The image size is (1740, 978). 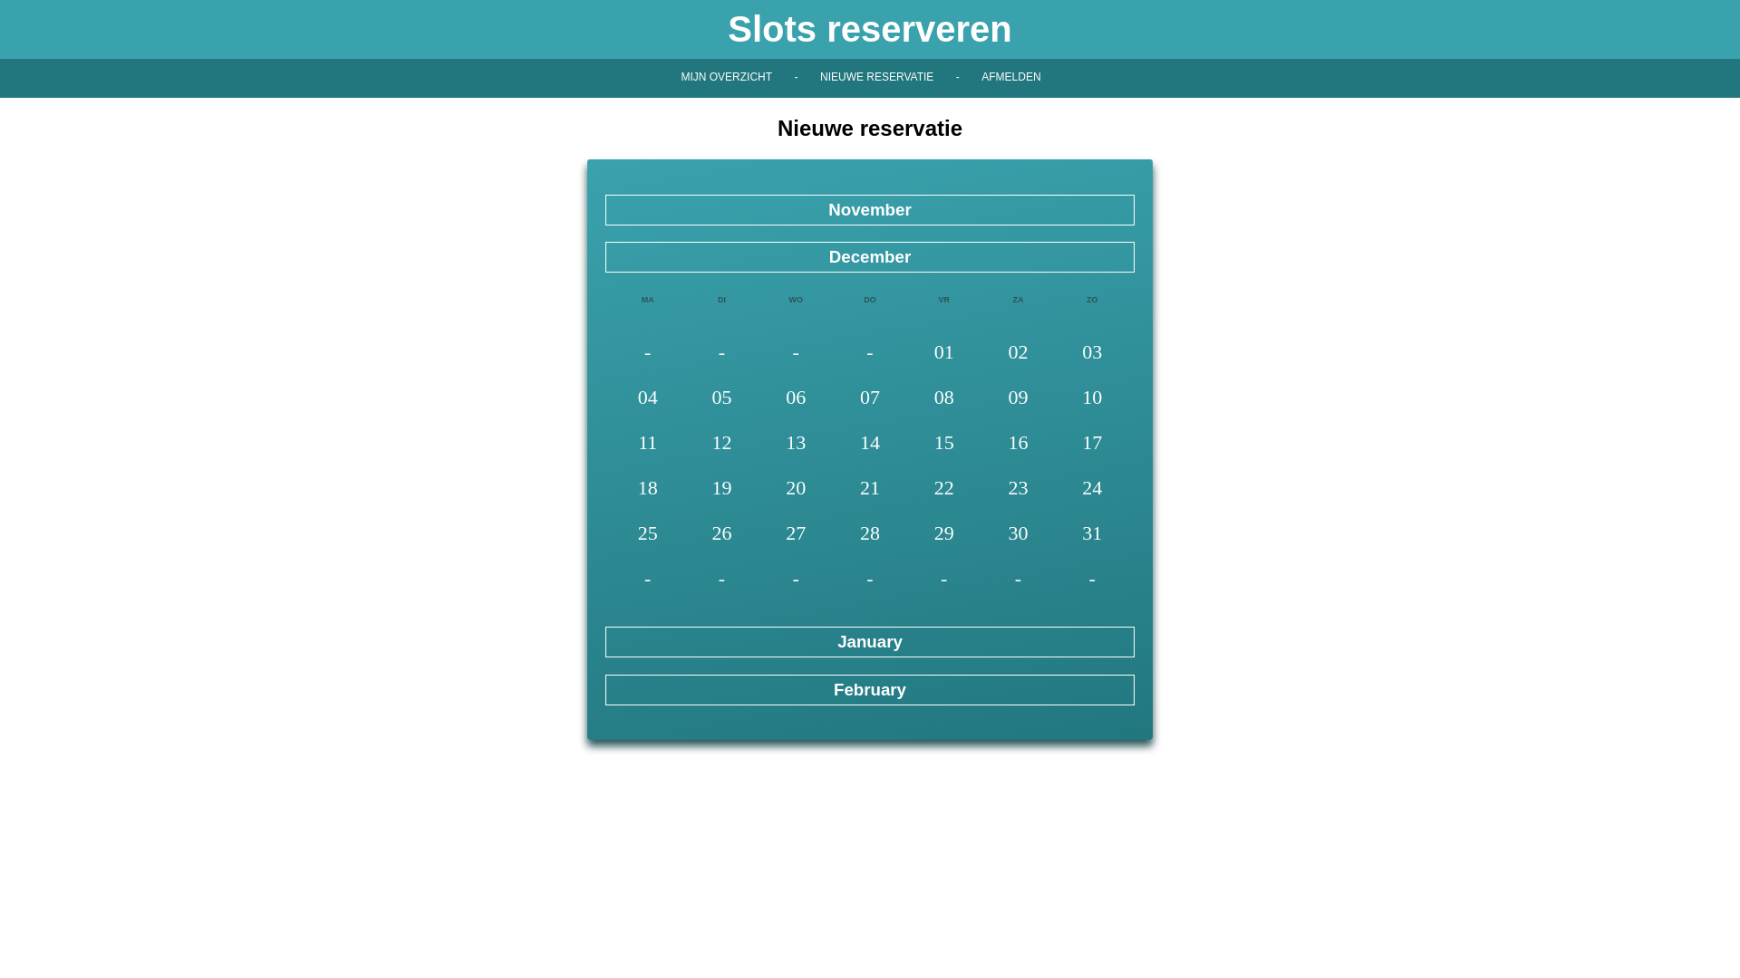 What do you see at coordinates (1010, 75) in the screenshot?
I see `'AFMELDEN'` at bounding box center [1010, 75].